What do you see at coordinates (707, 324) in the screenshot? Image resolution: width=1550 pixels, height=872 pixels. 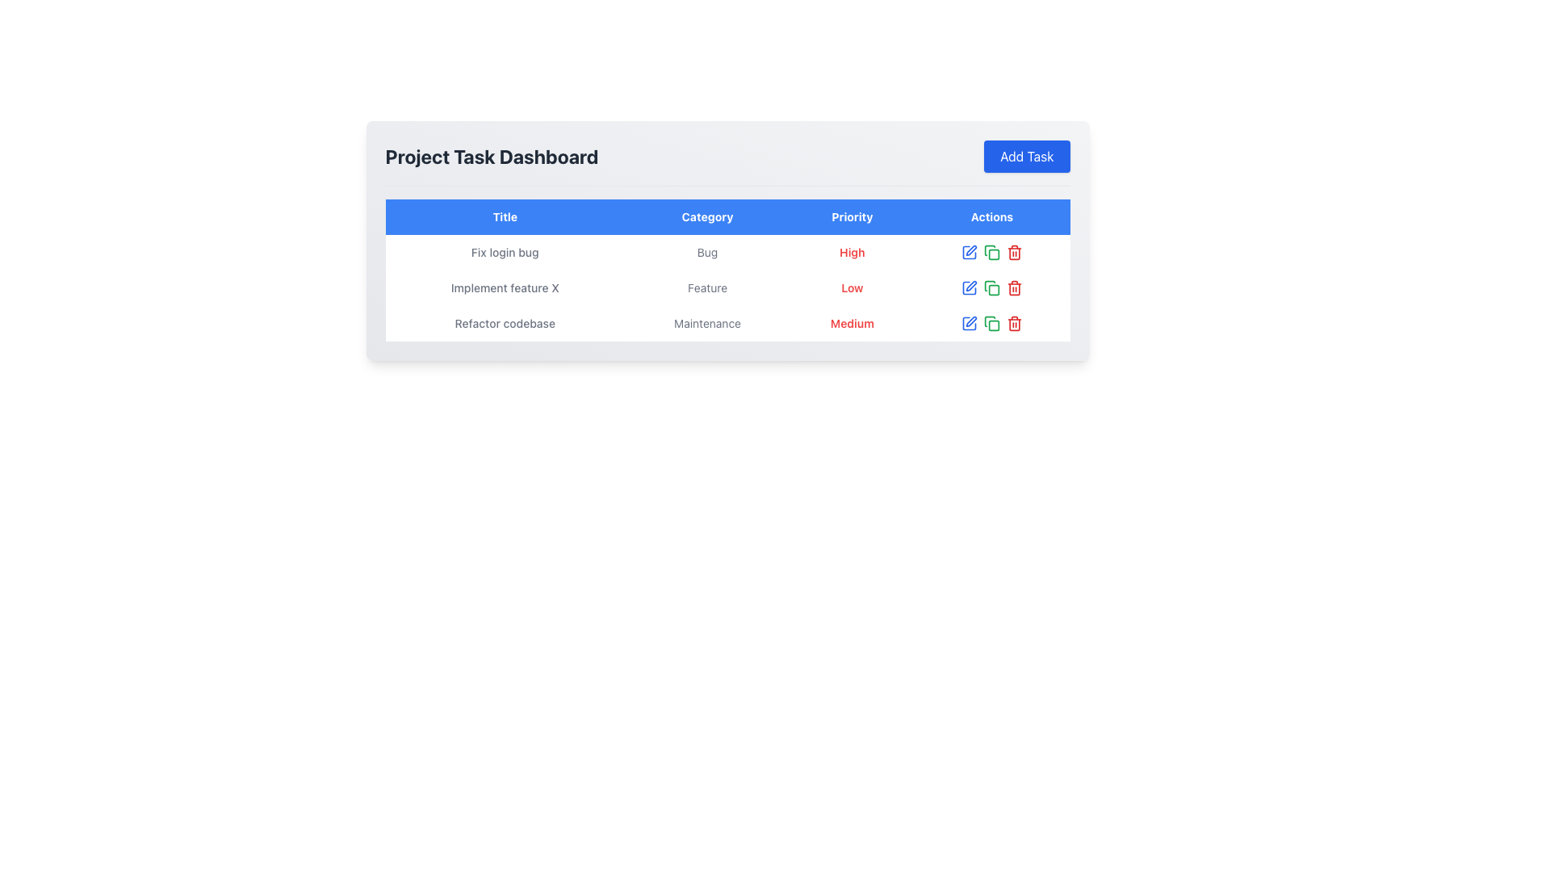 I see `the text label that categorizes the task 'Refactor codebase' as 'Maintenance', located in the 'Category' column of the third row in the main content table` at bounding box center [707, 324].